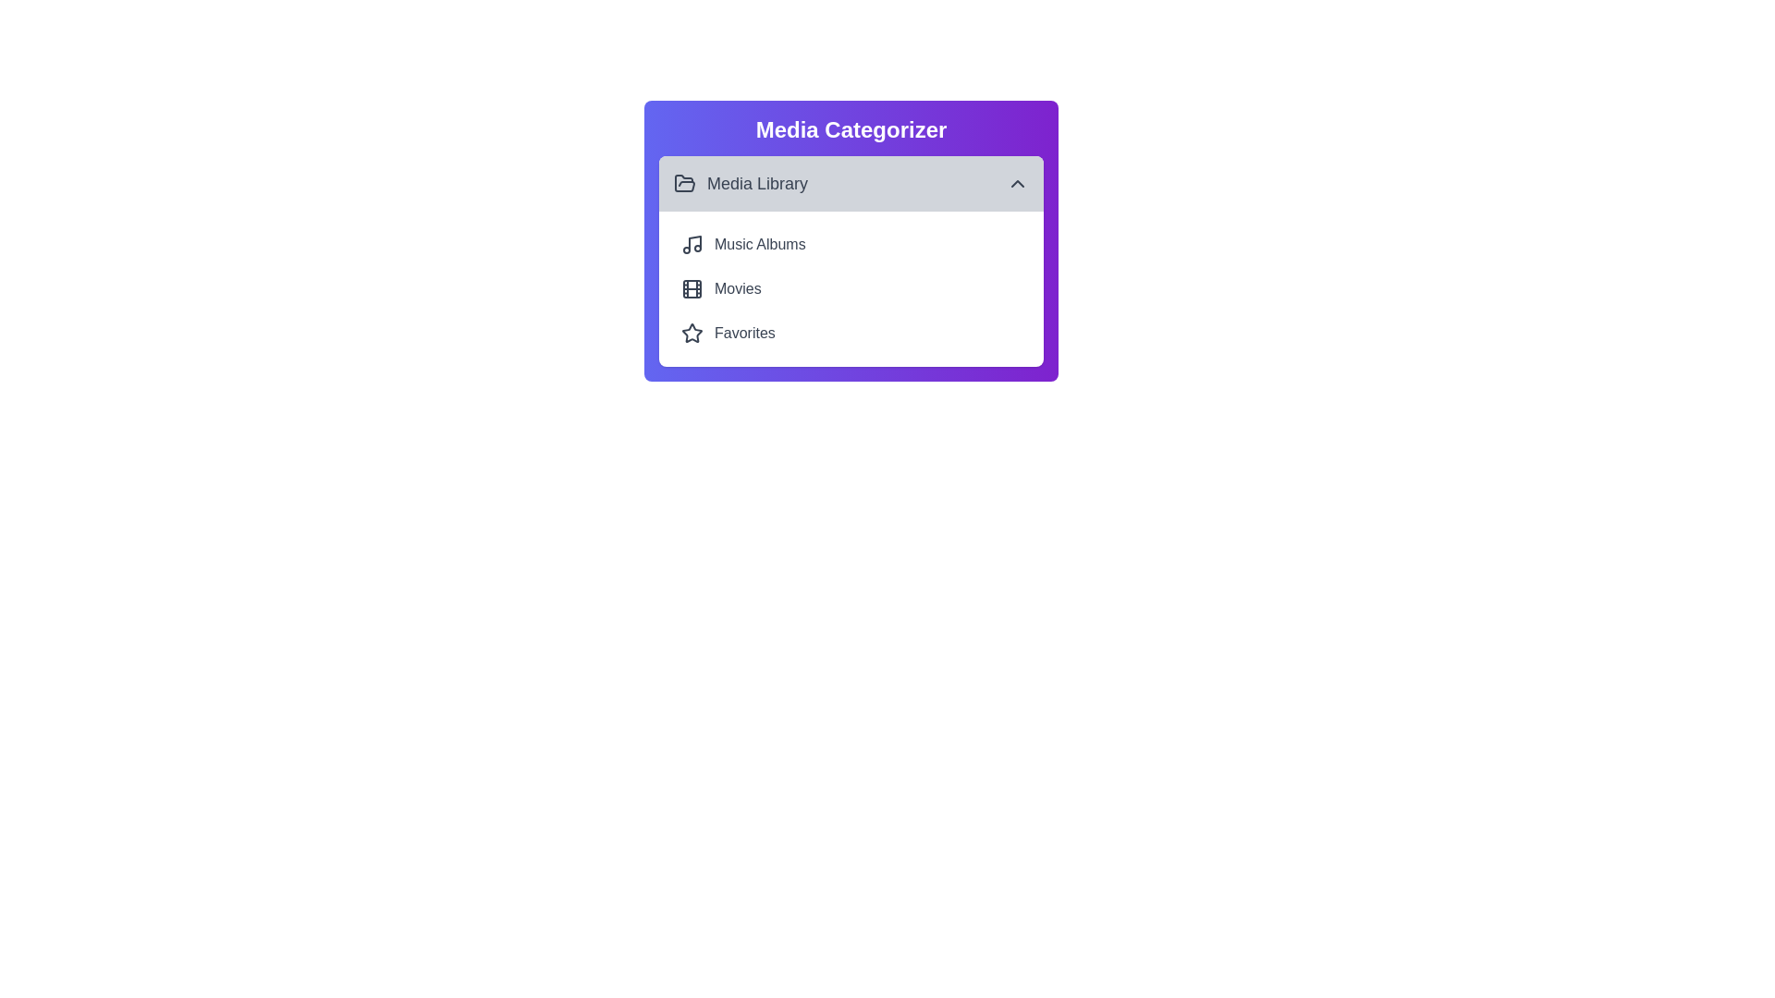 This screenshot has width=1775, height=998. I want to click on the menu item Favorites to trigger its hover effect, so click(851, 334).